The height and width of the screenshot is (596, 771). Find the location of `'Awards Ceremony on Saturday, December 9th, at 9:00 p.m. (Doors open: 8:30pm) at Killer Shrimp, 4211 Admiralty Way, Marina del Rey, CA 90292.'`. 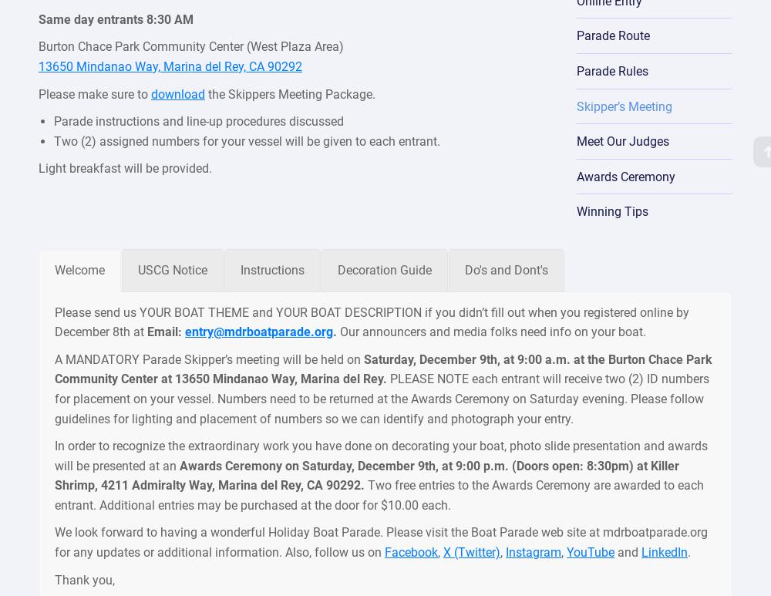

'Awards Ceremony on Saturday, December 9th, at 9:00 p.m. (Doors open: 8:30pm) at Killer Shrimp, 4211 Admiralty Way, Marina del Rey, CA 90292.' is located at coordinates (366, 474).